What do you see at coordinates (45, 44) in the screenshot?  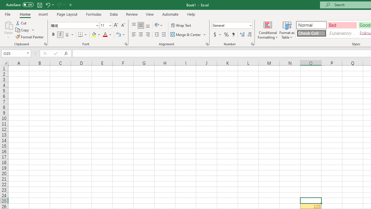 I see `'Office Clipboard...'` at bounding box center [45, 44].